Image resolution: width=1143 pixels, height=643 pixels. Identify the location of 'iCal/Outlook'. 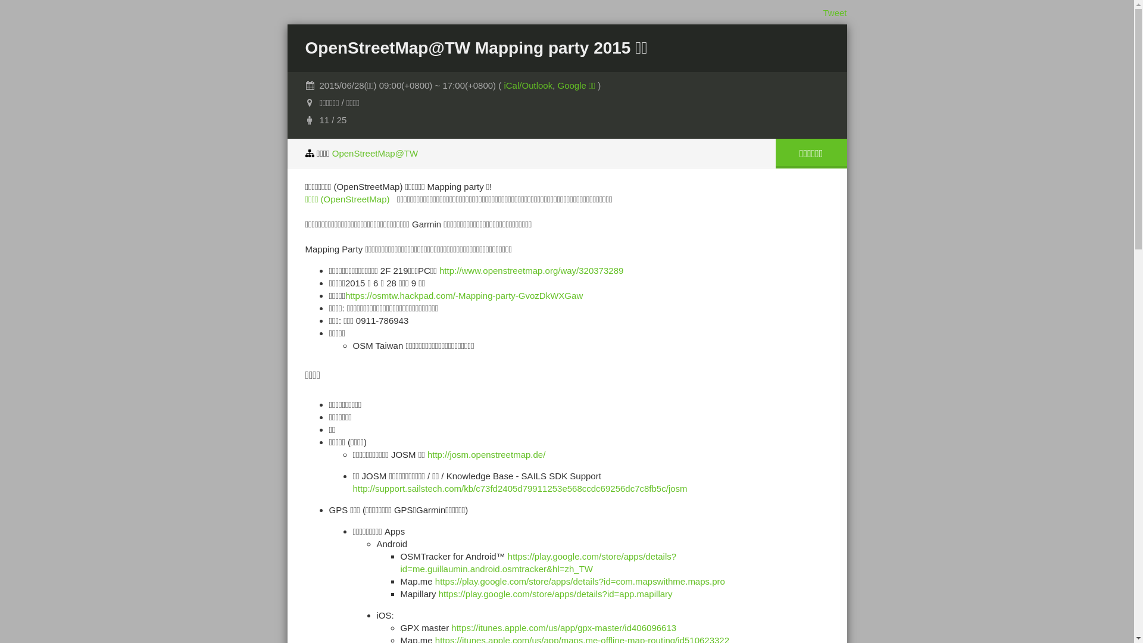
(527, 85).